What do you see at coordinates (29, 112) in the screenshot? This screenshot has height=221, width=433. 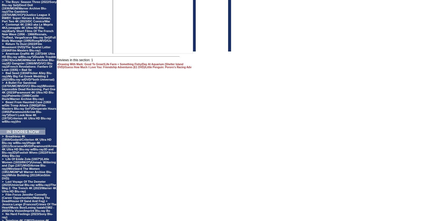 I see `'Beast From Haunted Cave (1959 w/Ski Troop Attack (1960))/Film Masters Blu-ray Set*)/Desperate Hours (1955/Paramount/Arrow Blu-ray*)/Don't Look Now 4K (1973/Criterion 4K Ultra HD Blu-ray w/Blu-ray)/Iro'` at bounding box center [29, 112].